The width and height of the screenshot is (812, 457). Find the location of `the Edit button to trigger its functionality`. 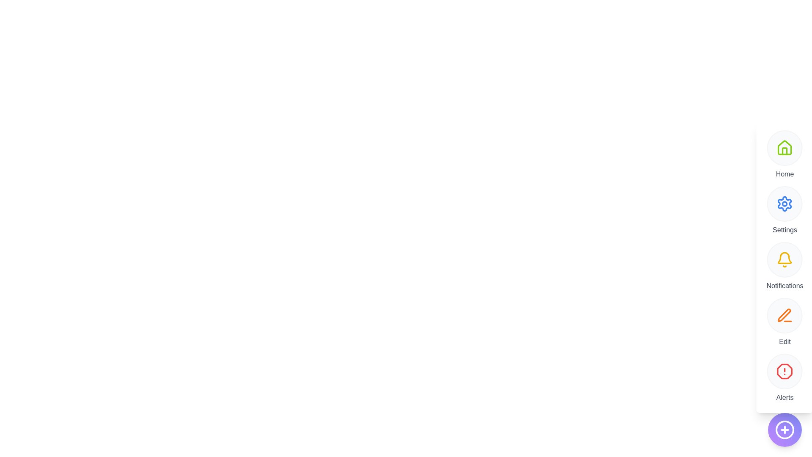

the Edit button to trigger its functionality is located at coordinates (785, 315).